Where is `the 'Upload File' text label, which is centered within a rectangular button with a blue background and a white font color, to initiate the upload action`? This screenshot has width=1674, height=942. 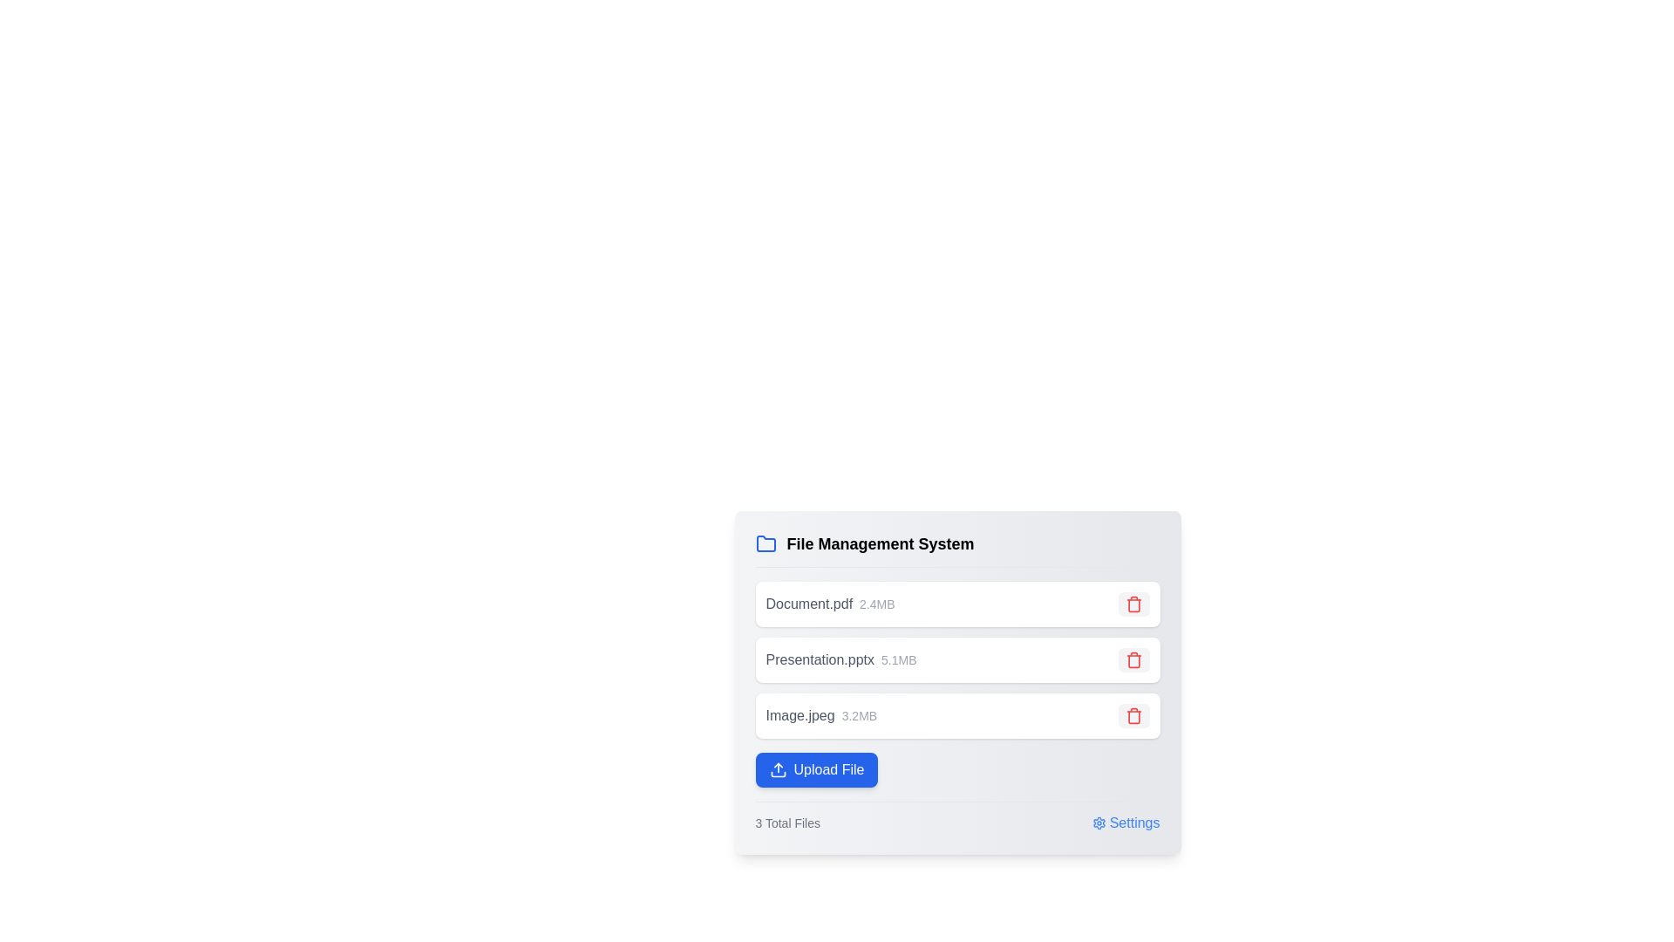 the 'Upload File' text label, which is centered within a rectangular button with a blue background and a white font color, to initiate the upload action is located at coordinates (827, 769).